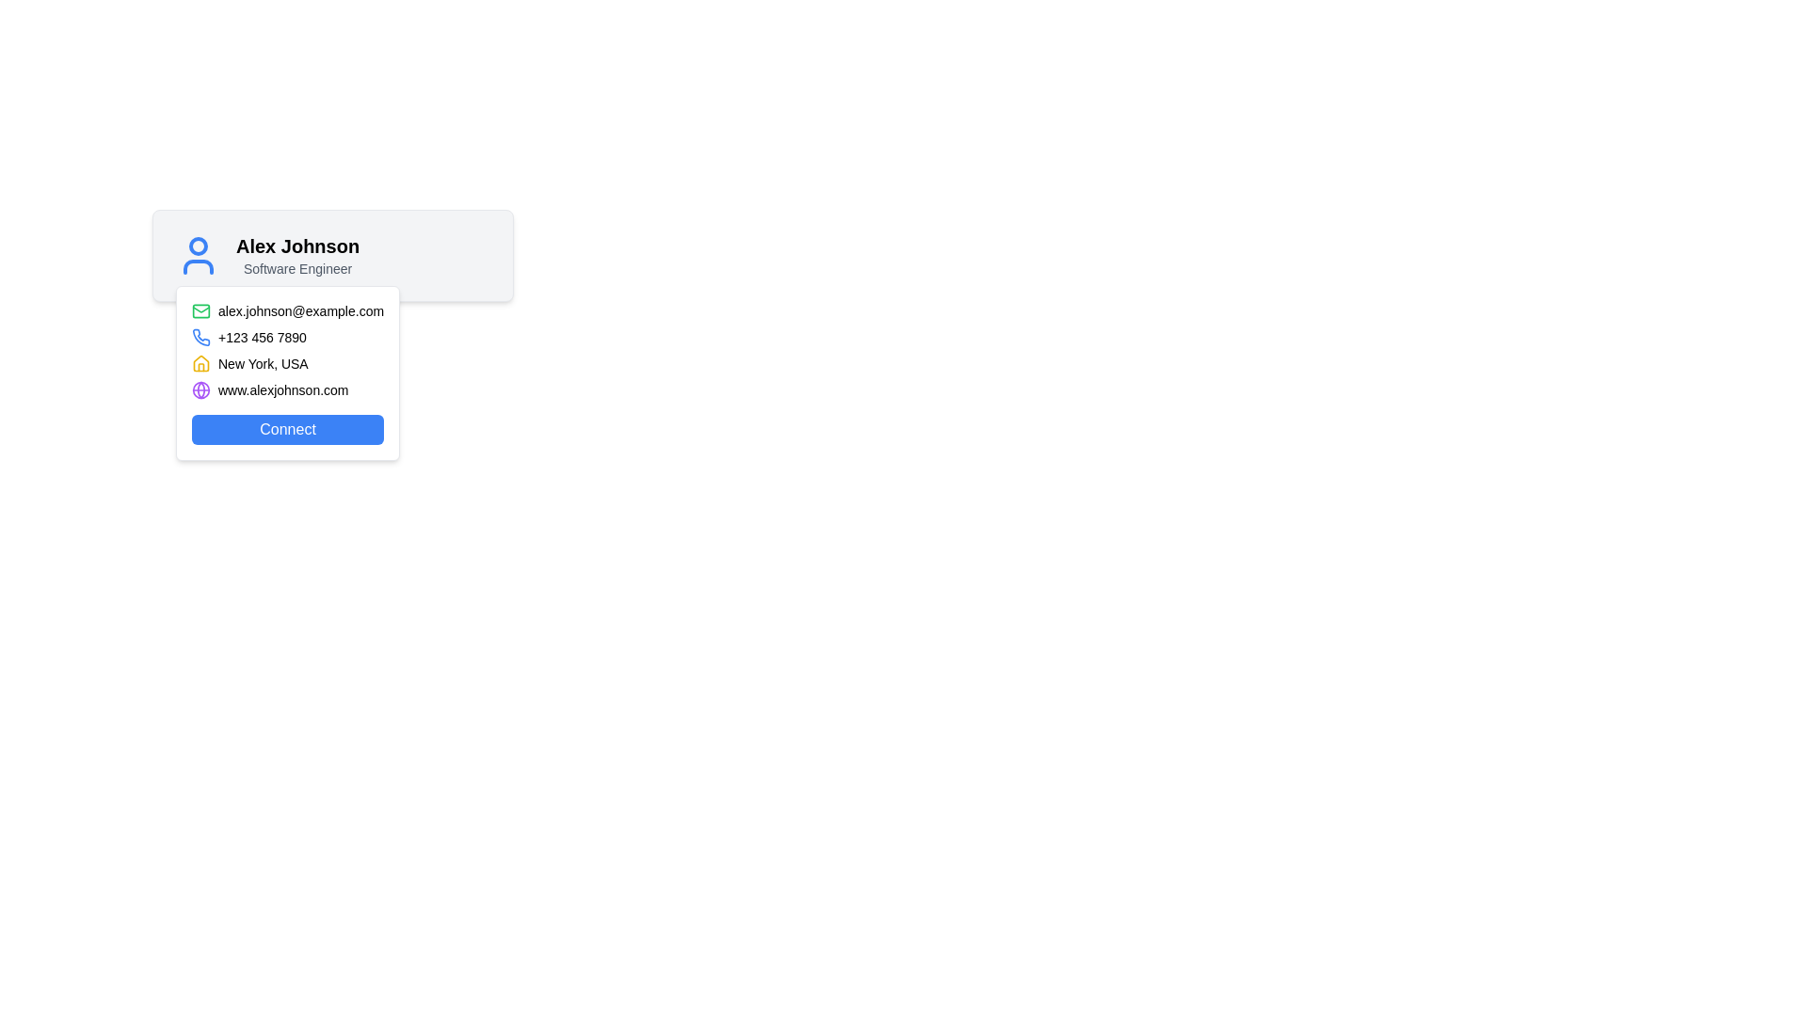 This screenshot has height=1016, width=1807. Describe the element at coordinates (287, 429) in the screenshot. I see `the rectangular button with a blue background and white text that reads 'Connect'` at that location.